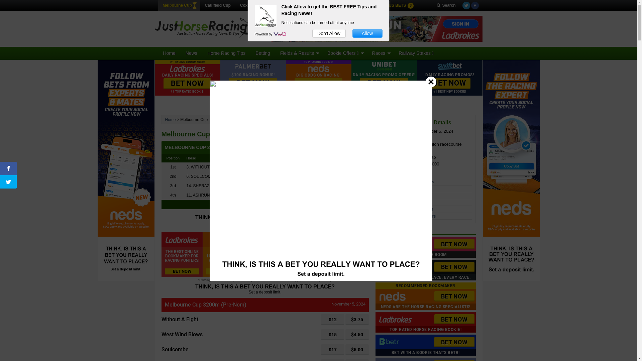  What do you see at coordinates (191, 52) in the screenshot?
I see `'News'` at bounding box center [191, 52].